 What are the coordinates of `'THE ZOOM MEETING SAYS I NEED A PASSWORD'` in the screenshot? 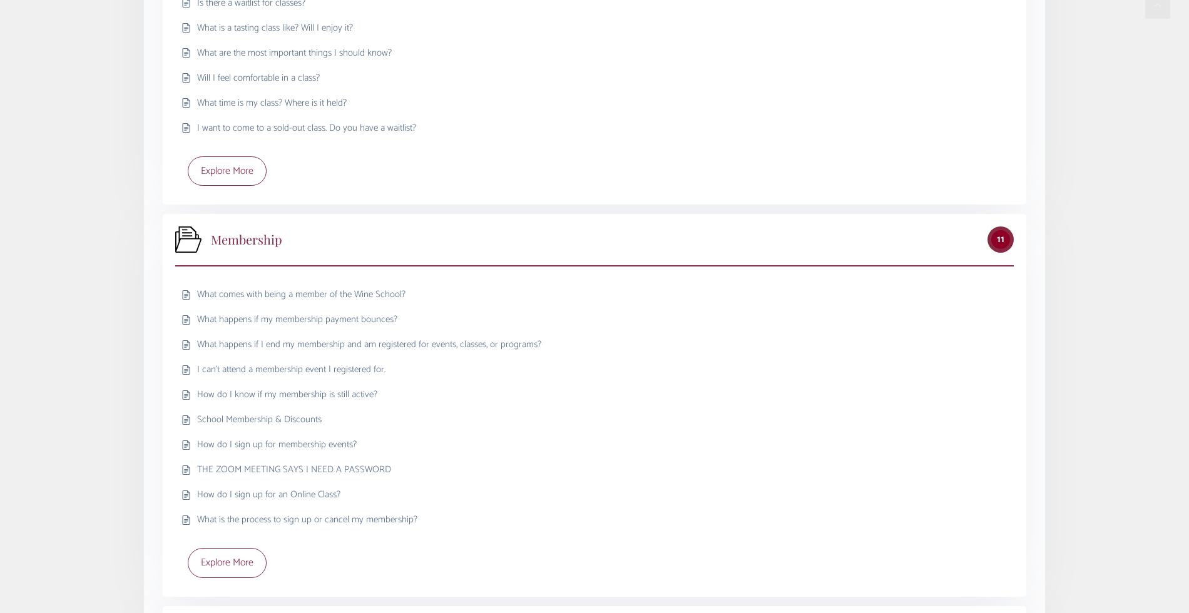 It's located at (293, 469).